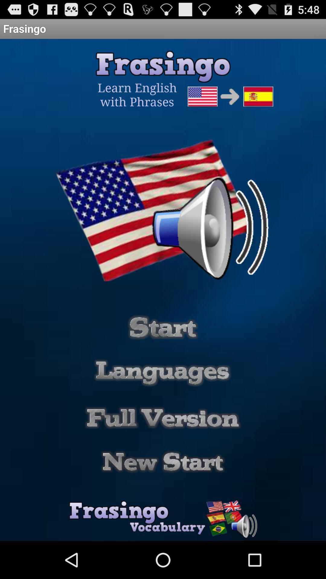 This screenshot has width=326, height=579. What do you see at coordinates (163, 327) in the screenshot?
I see `start app` at bounding box center [163, 327].